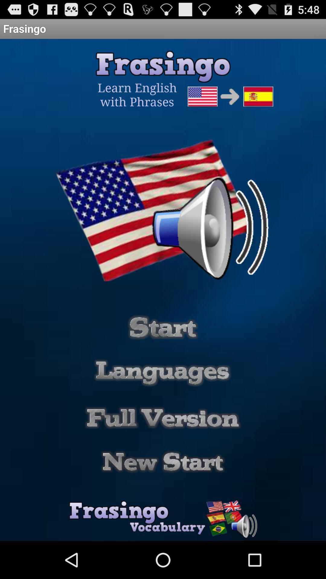 This screenshot has width=326, height=579. What do you see at coordinates (163, 327) in the screenshot?
I see `start app` at bounding box center [163, 327].